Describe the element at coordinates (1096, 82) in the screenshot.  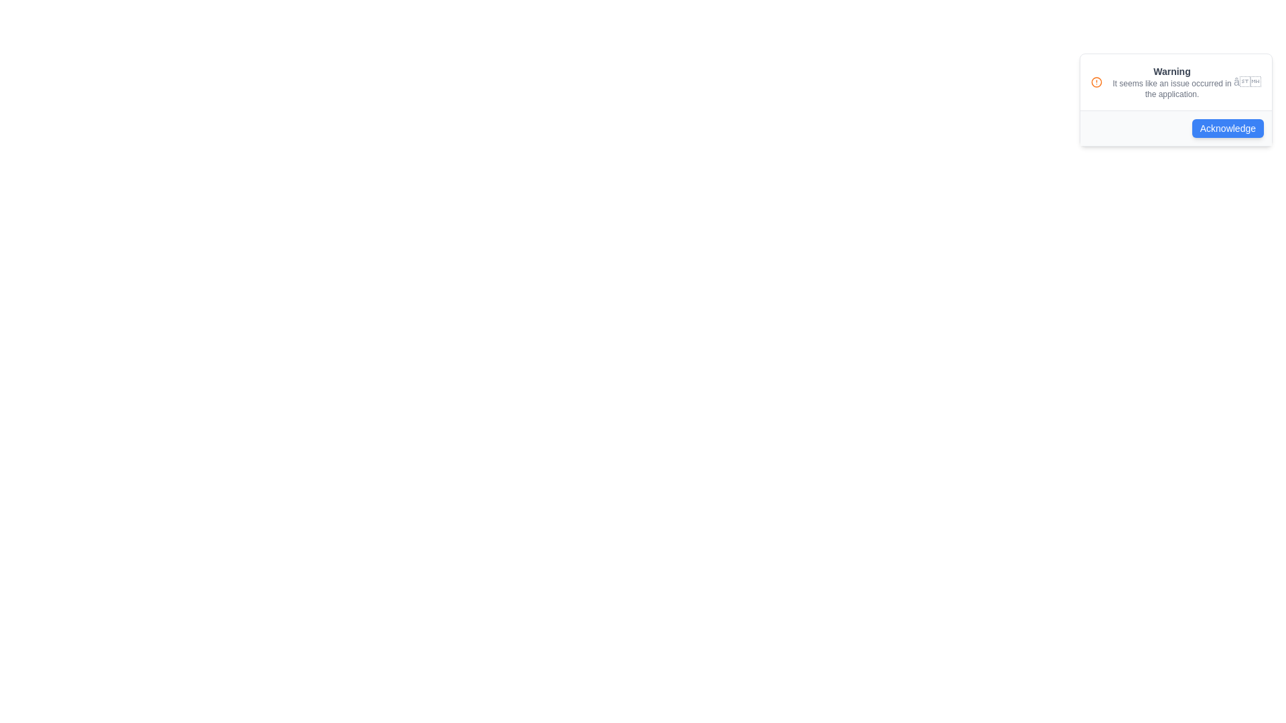
I see `the orange circular outline of the SVG Circle element located at the top-right corner of the notification card` at that location.